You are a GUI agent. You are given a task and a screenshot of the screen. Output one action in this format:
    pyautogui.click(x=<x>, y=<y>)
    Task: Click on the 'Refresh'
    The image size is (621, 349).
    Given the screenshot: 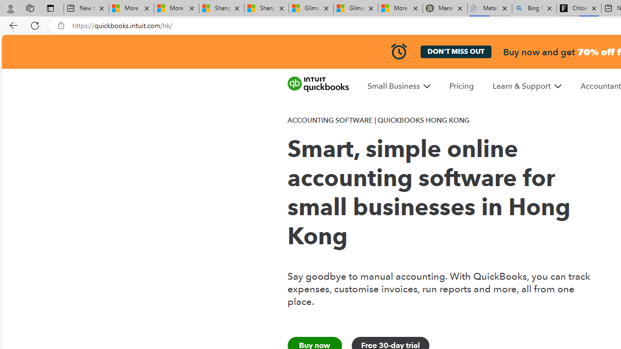 What is the action you would take?
    pyautogui.click(x=35, y=25)
    